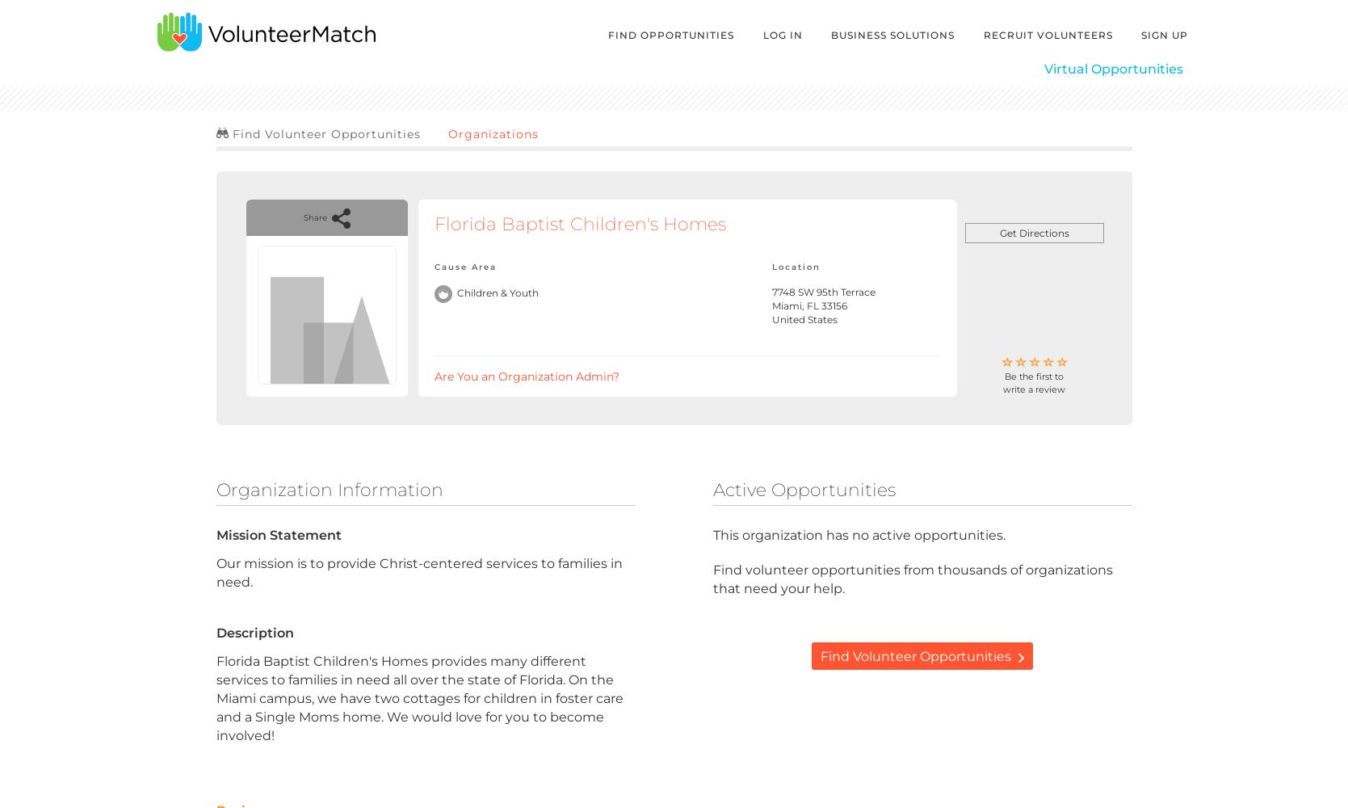  What do you see at coordinates (278, 534) in the screenshot?
I see `'Mission Statement'` at bounding box center [278, 534].